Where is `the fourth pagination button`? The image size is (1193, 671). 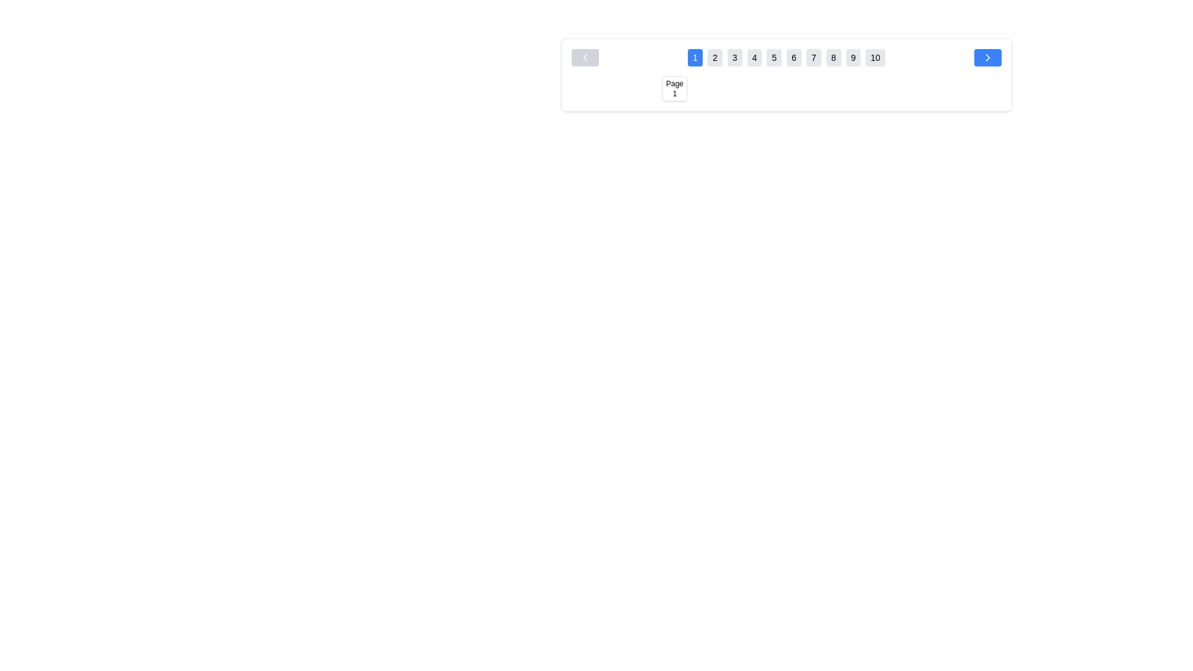 the fourth pagination button is located at coordinates (748, 88).